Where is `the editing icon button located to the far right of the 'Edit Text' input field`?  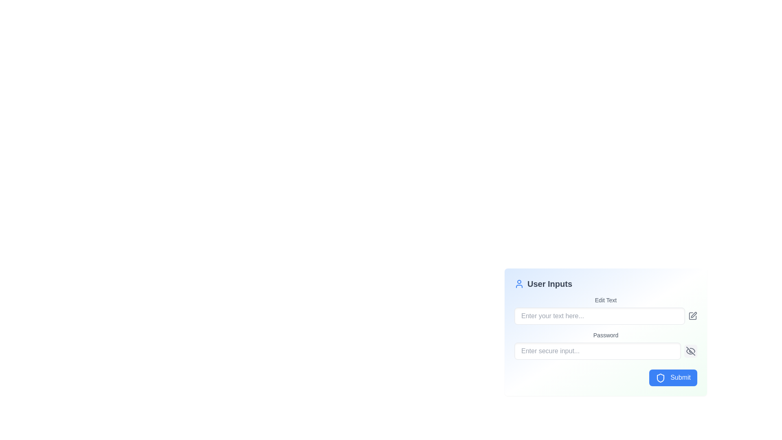
the editing icon button located to the far right of the 'Edit Text' input field is located at coordinates (692, 315).